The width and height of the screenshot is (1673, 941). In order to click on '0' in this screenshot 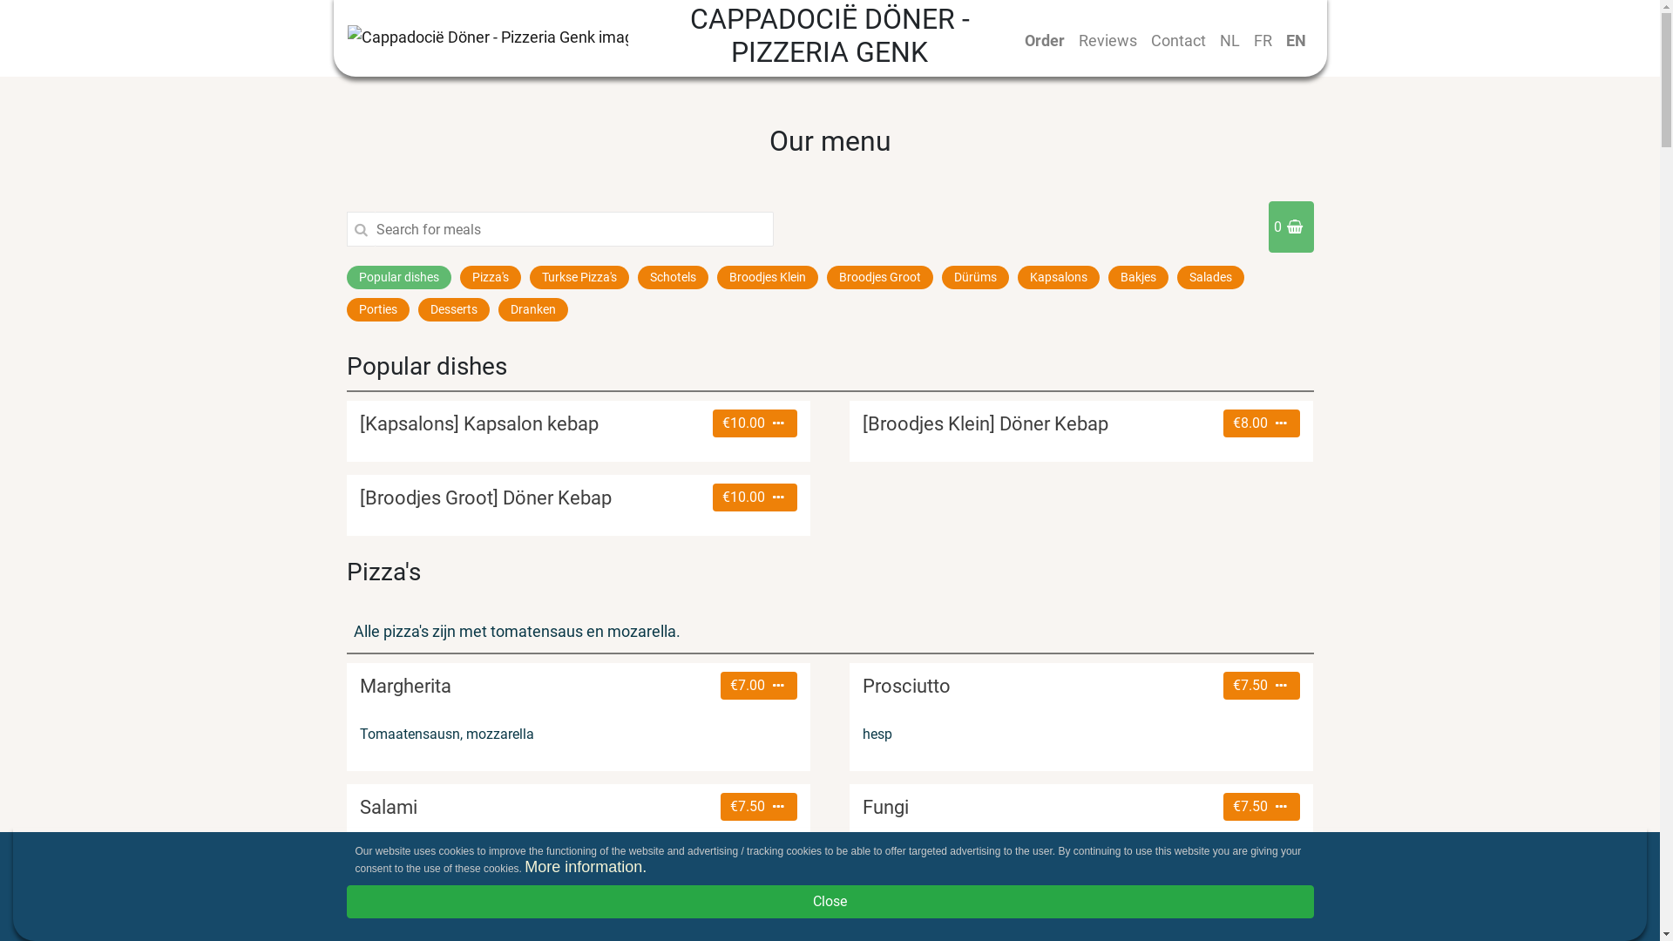, I will do `click(1290, 226)`.